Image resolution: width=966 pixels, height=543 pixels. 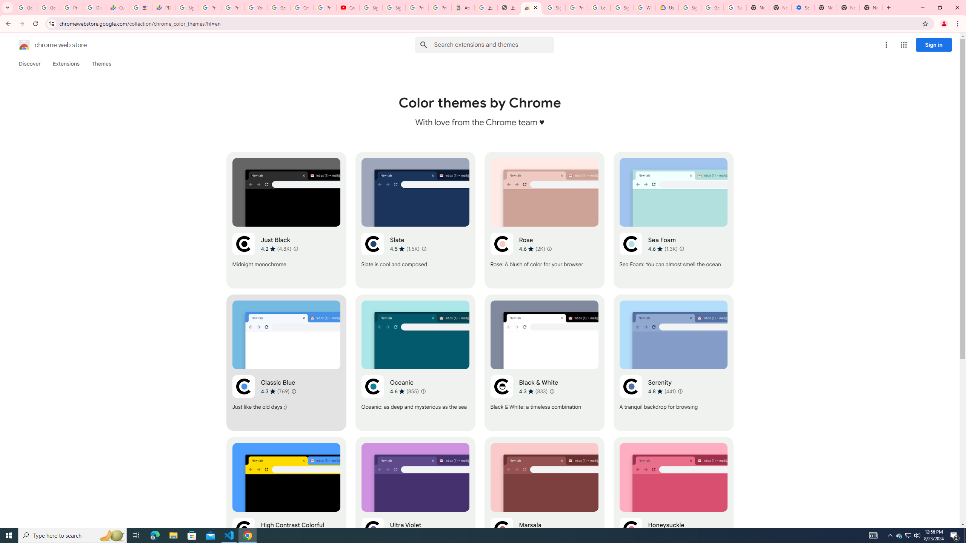 What do you see at coordinates (661, 391) in the screenshot?
I see `'Average rating 4.8 out of 5 stars. 441 ratings.'` at bounding box center [661, 391].